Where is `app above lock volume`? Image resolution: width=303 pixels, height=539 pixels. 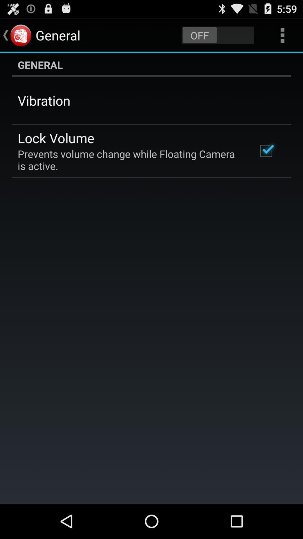
app above lock volume is located at coordinates (44, 101).